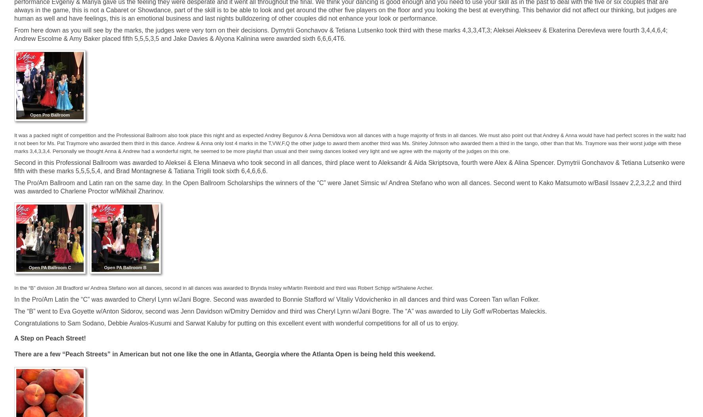  Describe the element at coordinates (13, 299) in the screenshot. I see `'In the Pro/Am Latin the “C” was awarded to Cheryl Lynn w/Jani Bogre. Second was awarded to Bonnie Stafford w/ Vitaliy Vdovichenko in all dances and third was Coreen Tan w/Ian Folker.'` at that location.